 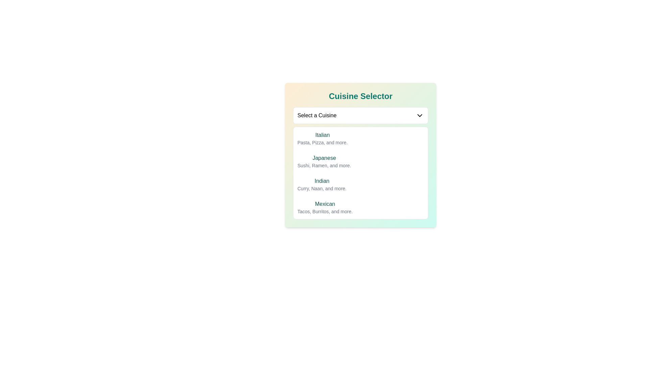 I want to click on on the fourth item in the Cuisine Selector list, which displays 'Mexican' in teal and 'Tacos, Burritos, and more.' in gray, so click(x=360, y=207).